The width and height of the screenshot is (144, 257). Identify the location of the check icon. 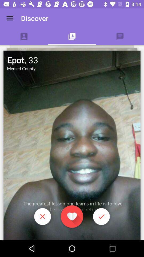
(101, 217).